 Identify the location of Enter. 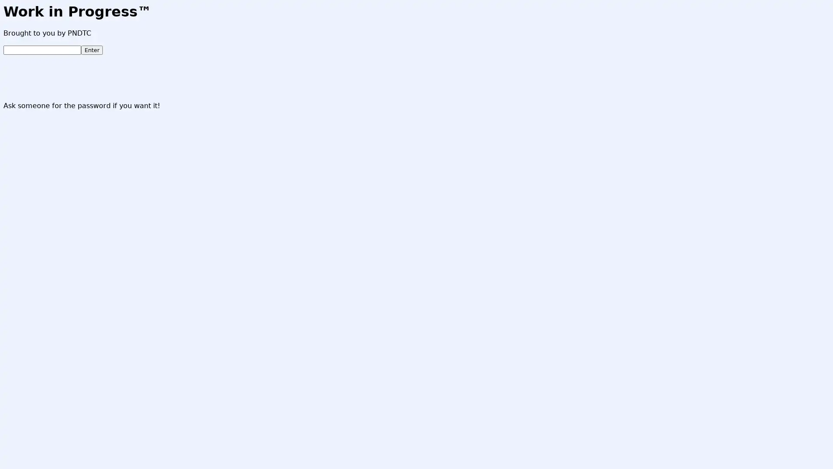
(92, 50).